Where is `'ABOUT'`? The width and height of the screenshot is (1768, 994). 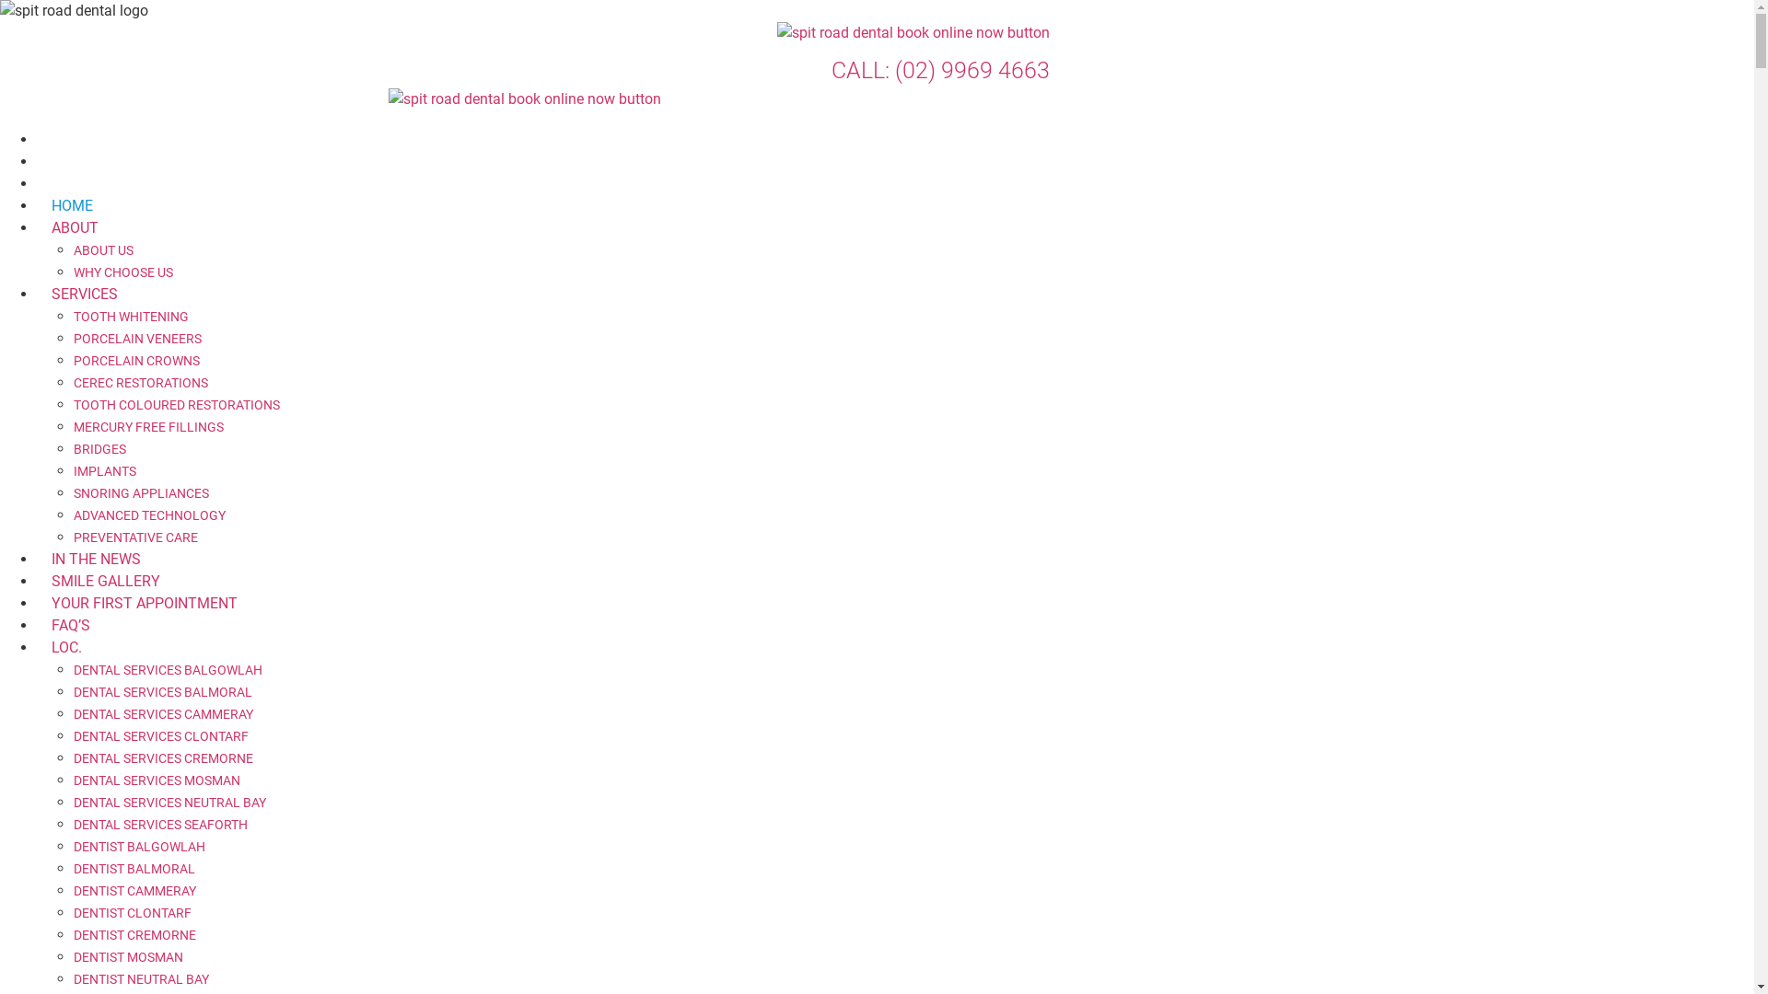
'ABOUT' is located at coordinates (74, 226).